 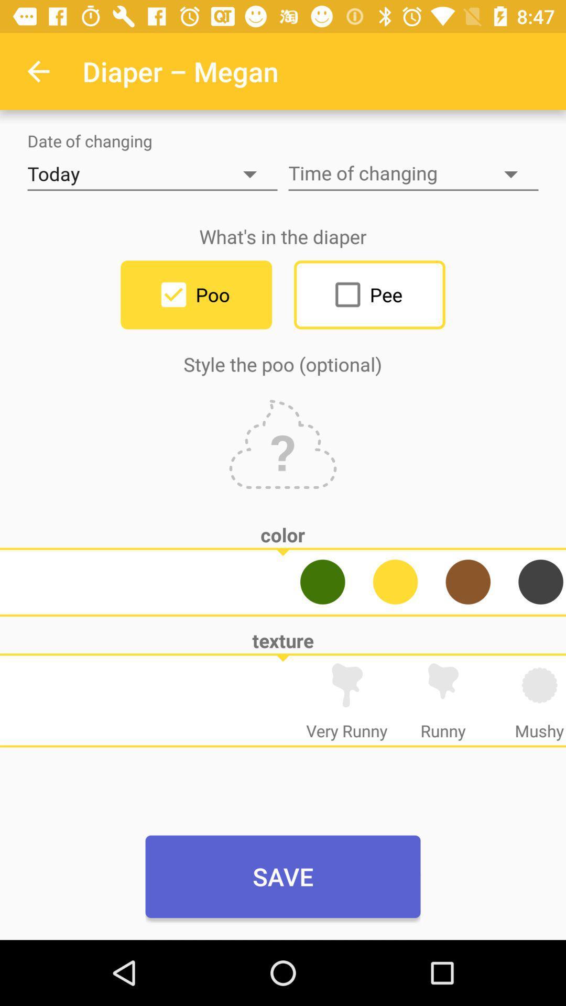 I want to click on green color, so click(x=322, y=581).